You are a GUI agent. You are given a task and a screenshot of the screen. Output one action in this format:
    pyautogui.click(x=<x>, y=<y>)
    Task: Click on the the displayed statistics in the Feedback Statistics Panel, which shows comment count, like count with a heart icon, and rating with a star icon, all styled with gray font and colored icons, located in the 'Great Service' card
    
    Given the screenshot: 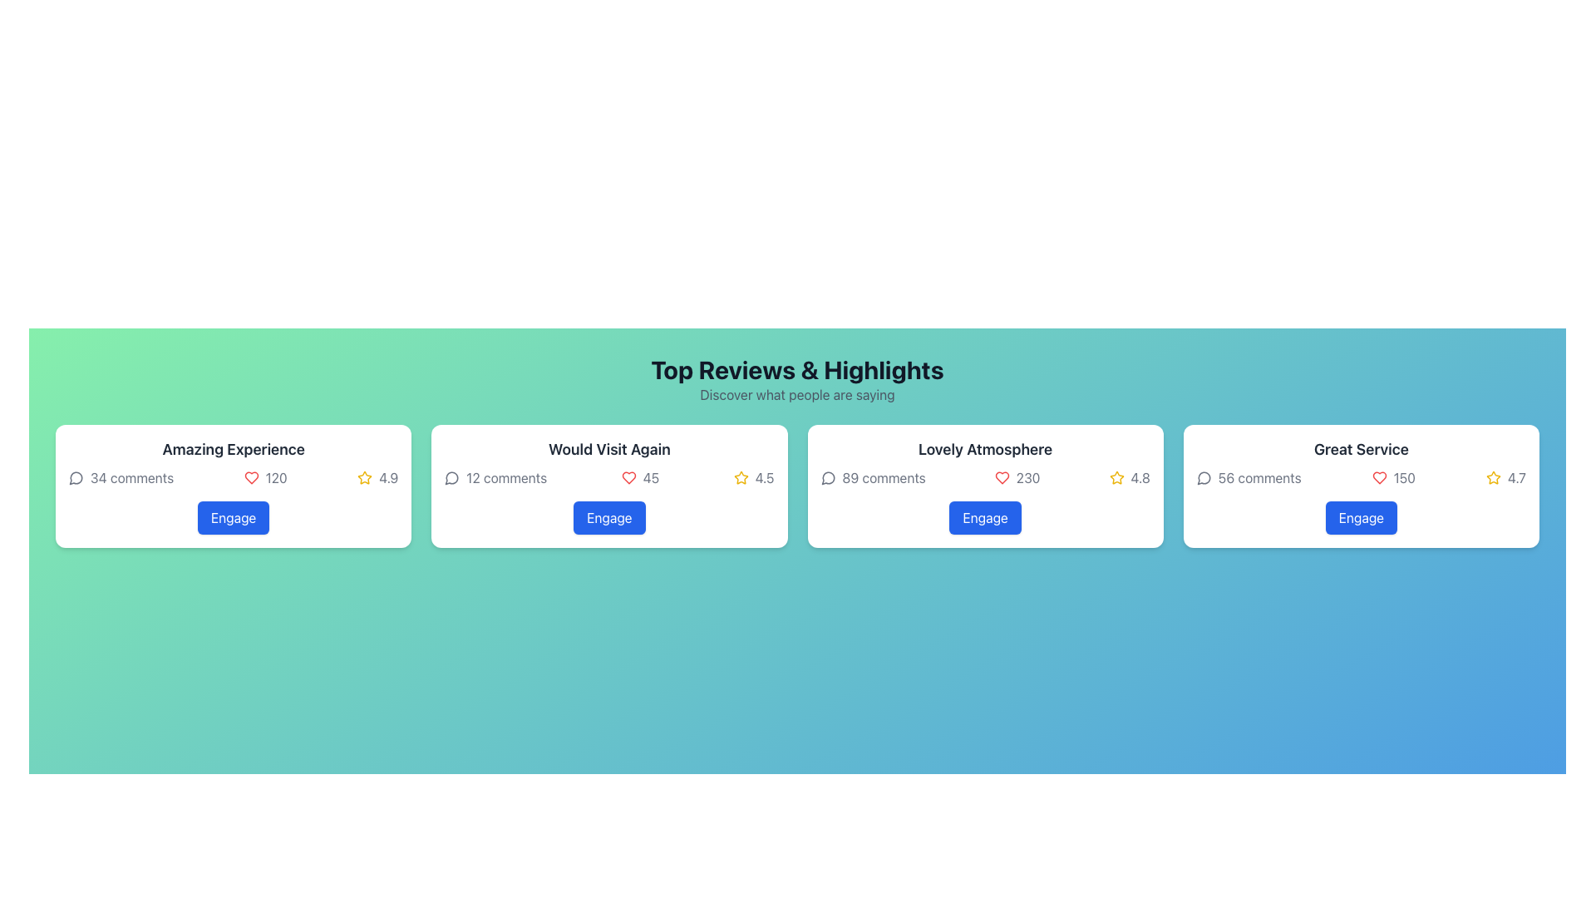 What is the action you would take?
    pyautogui.click(x=1361, y=477)
    